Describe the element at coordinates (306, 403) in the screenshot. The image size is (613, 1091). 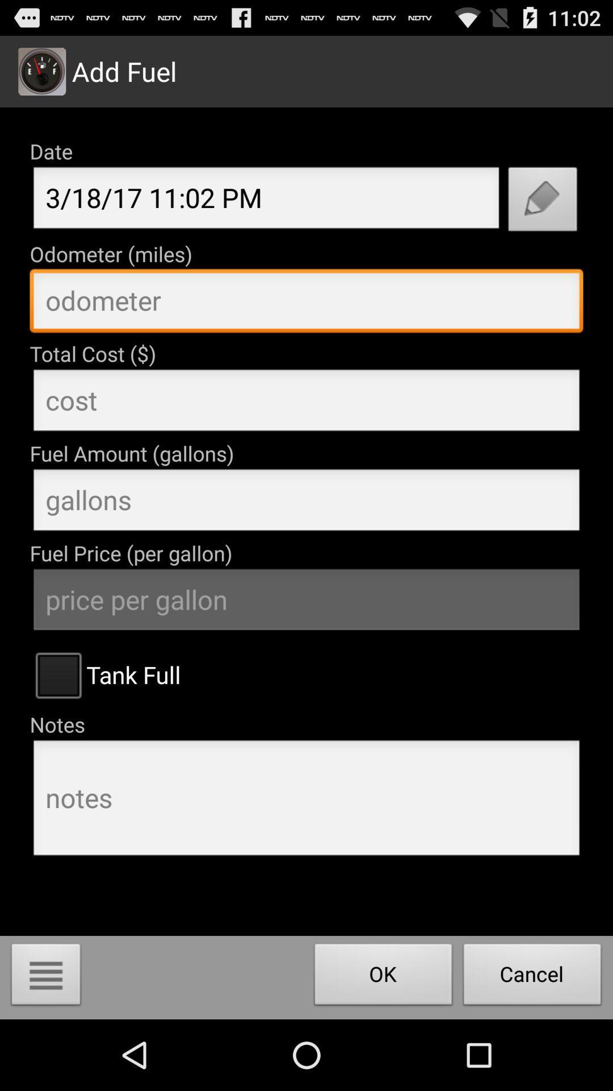
I see `insert cost` at that location.